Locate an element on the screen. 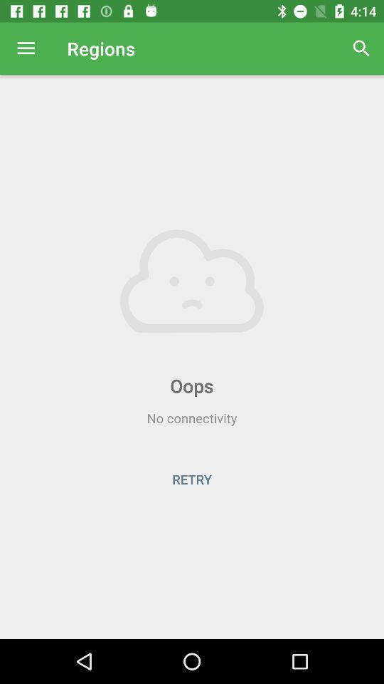  the item to the right of regions icon is located at coordinates (361, 48).